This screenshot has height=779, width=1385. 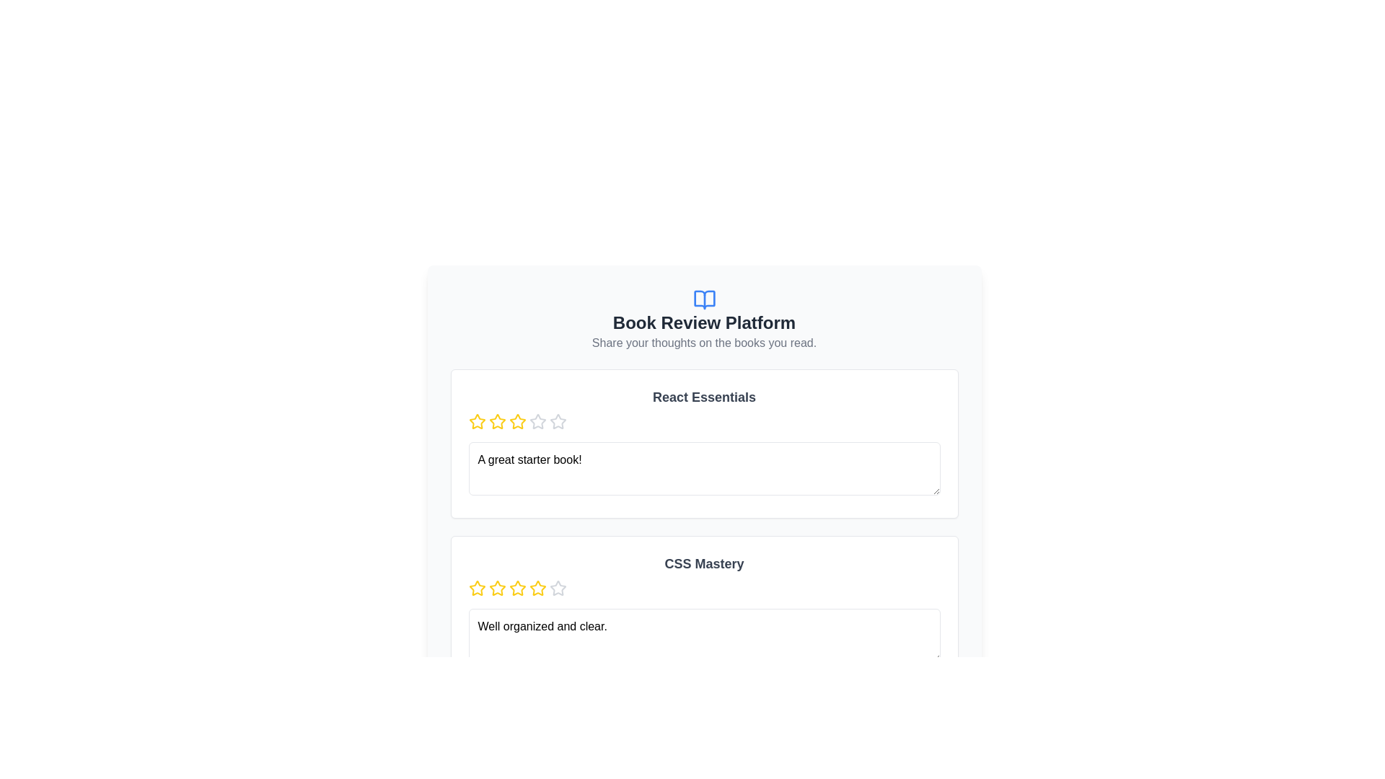 What do you see at coordinates (557, 588) in the screenshot?
I see `the fourth star icon in the horizontal row of rating stars under the book review entry labeled 'CSS Mastery' to rate as 4 stars` at bounding box center [557, 588].